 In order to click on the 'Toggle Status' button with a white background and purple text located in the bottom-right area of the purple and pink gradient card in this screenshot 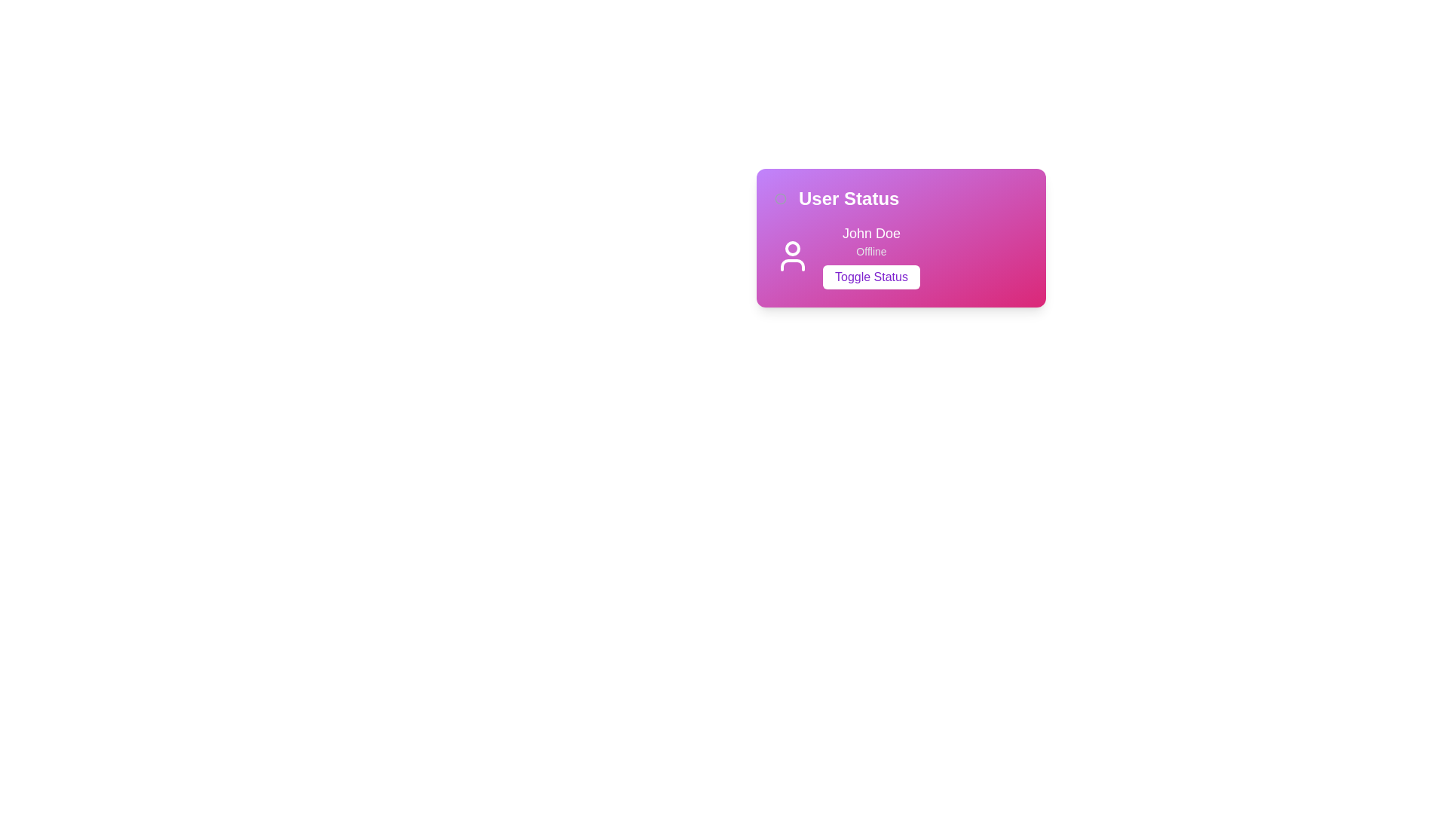, I will do `click(871, 277)`.